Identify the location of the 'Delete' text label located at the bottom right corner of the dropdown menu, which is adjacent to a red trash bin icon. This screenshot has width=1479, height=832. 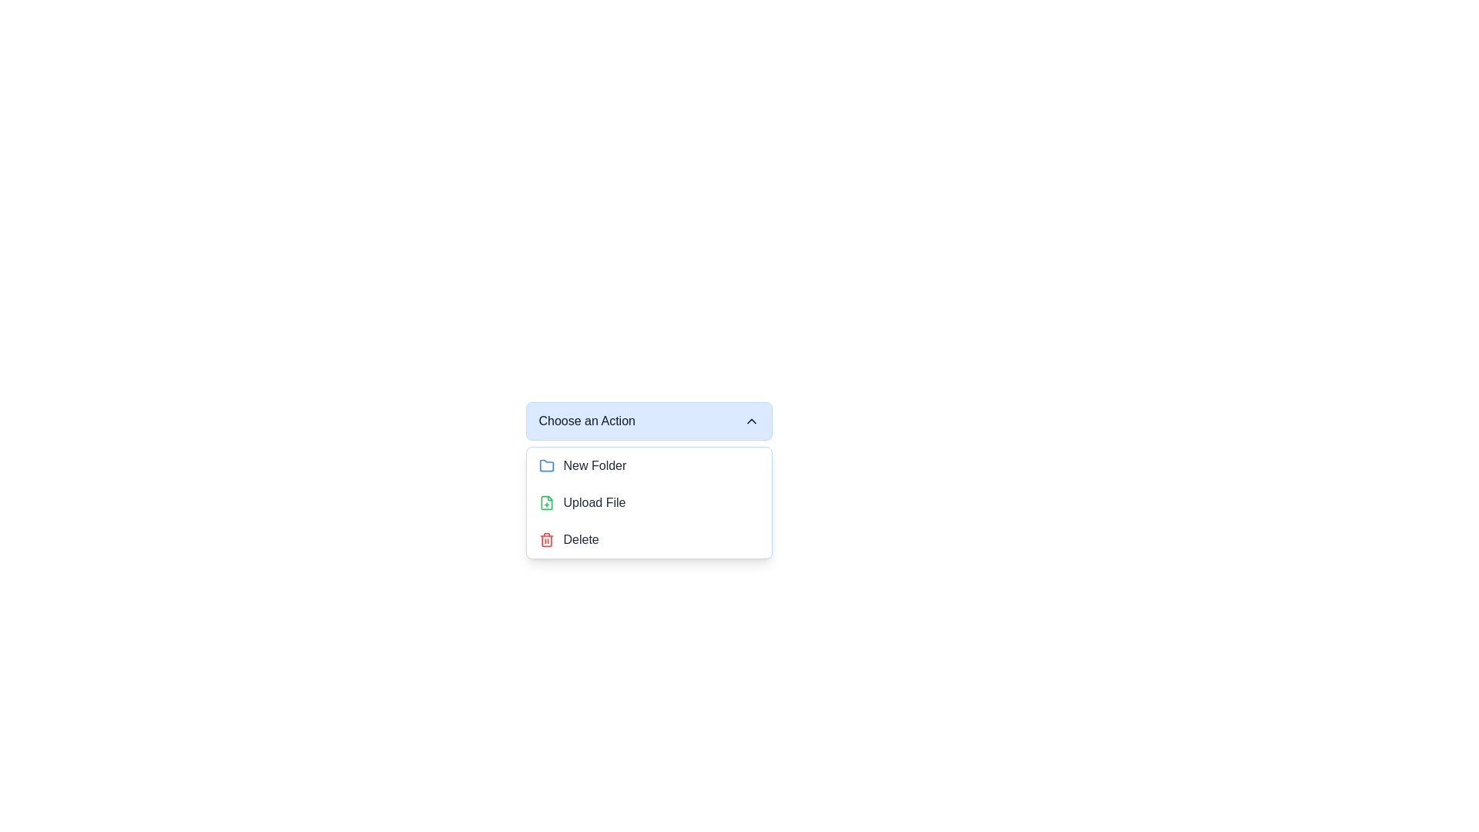
(580, 539).